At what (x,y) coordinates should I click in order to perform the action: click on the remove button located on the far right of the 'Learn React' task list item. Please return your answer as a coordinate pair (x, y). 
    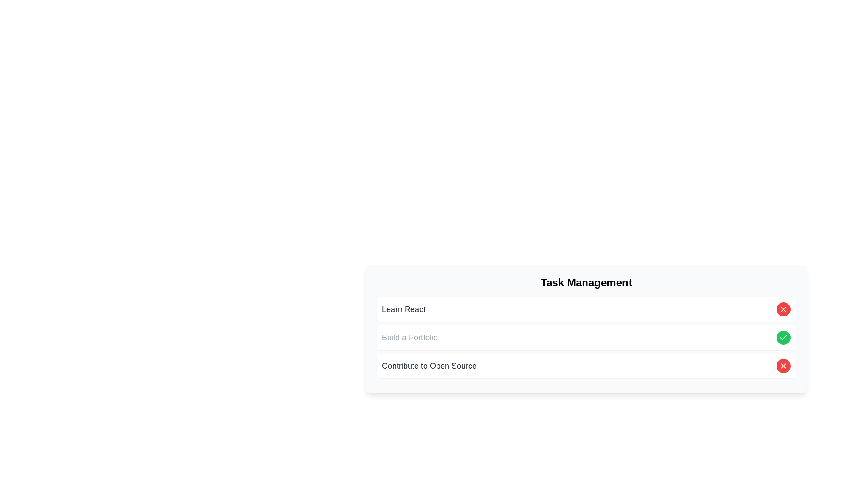
    Looking at the image, I should click on (784, 308).